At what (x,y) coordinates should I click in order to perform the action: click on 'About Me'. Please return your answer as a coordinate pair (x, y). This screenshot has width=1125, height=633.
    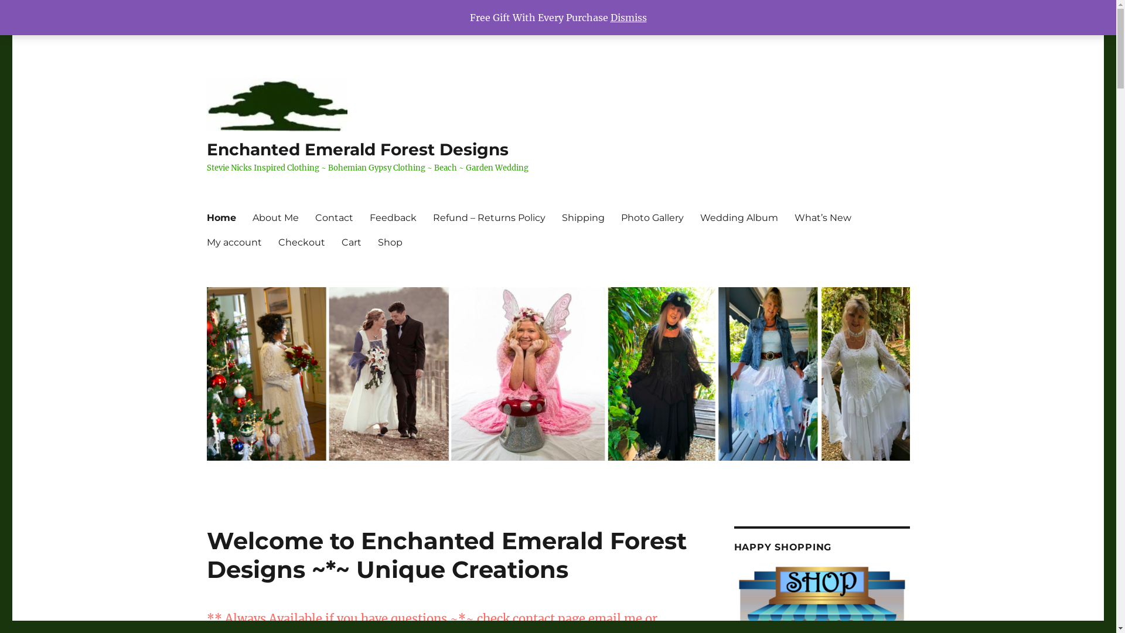
    Looking at the image, I should click on (274, 217).